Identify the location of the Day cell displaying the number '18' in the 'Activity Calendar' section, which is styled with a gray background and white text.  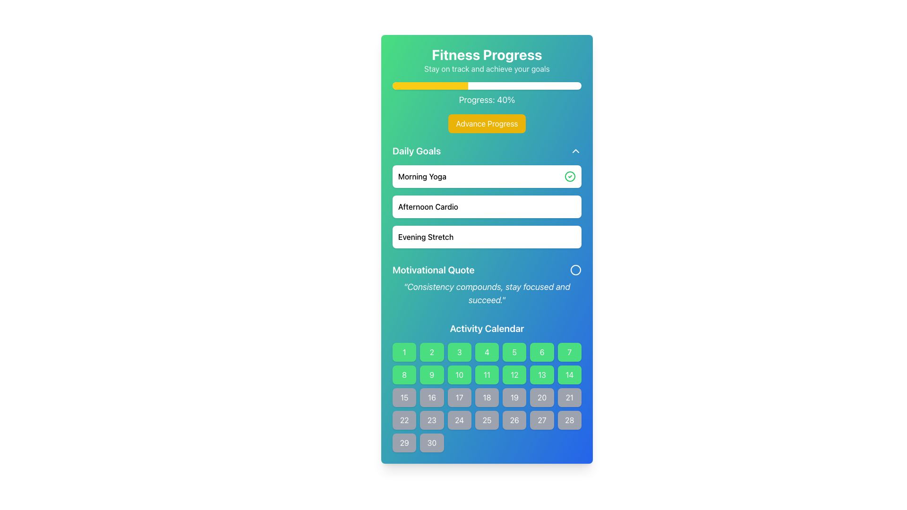
(487, 397).